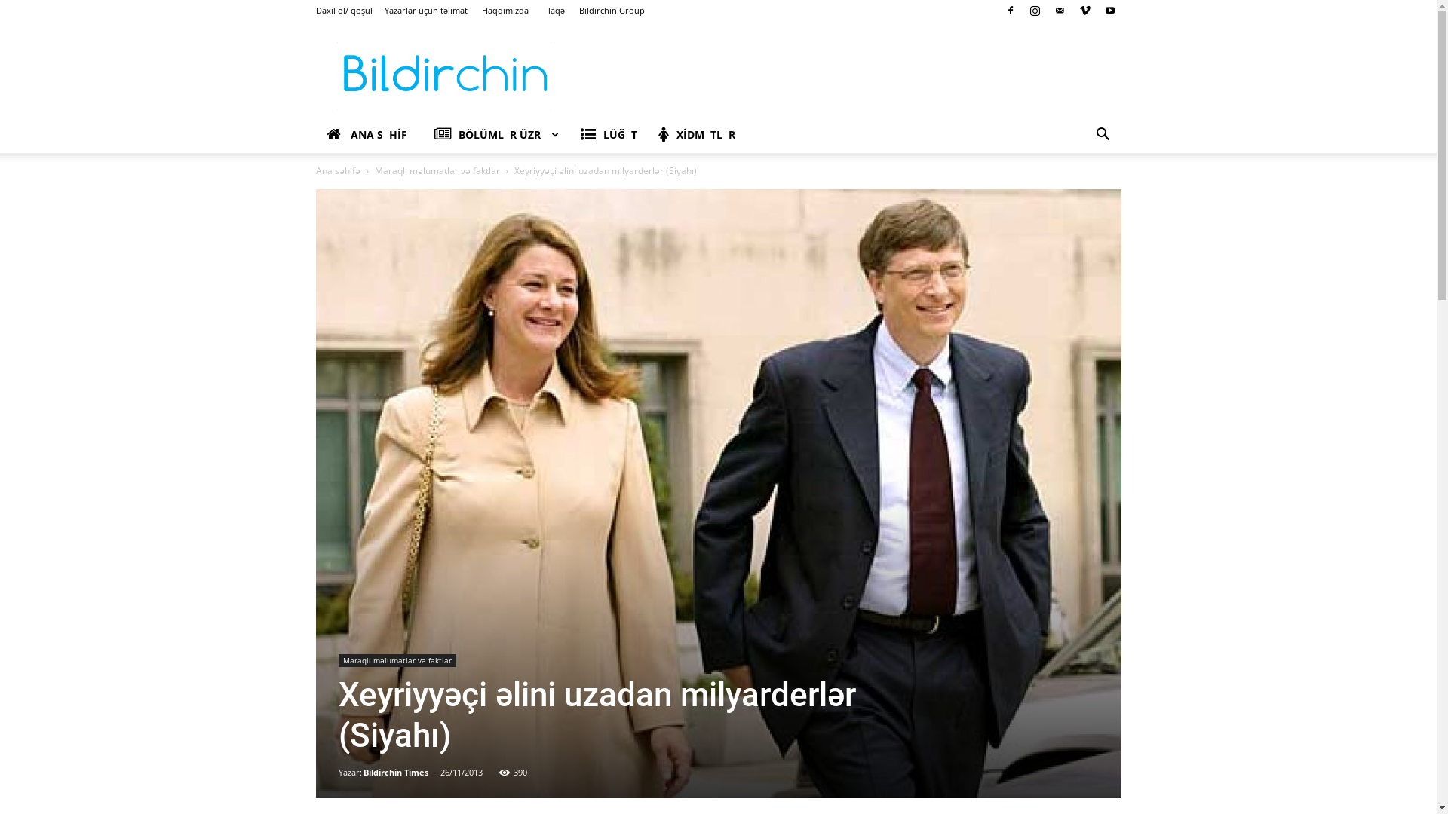  What do you see at coordinates (1097, 11) in the screenshot?
I see `'Youtube'` at bounding box center [1097, 11].